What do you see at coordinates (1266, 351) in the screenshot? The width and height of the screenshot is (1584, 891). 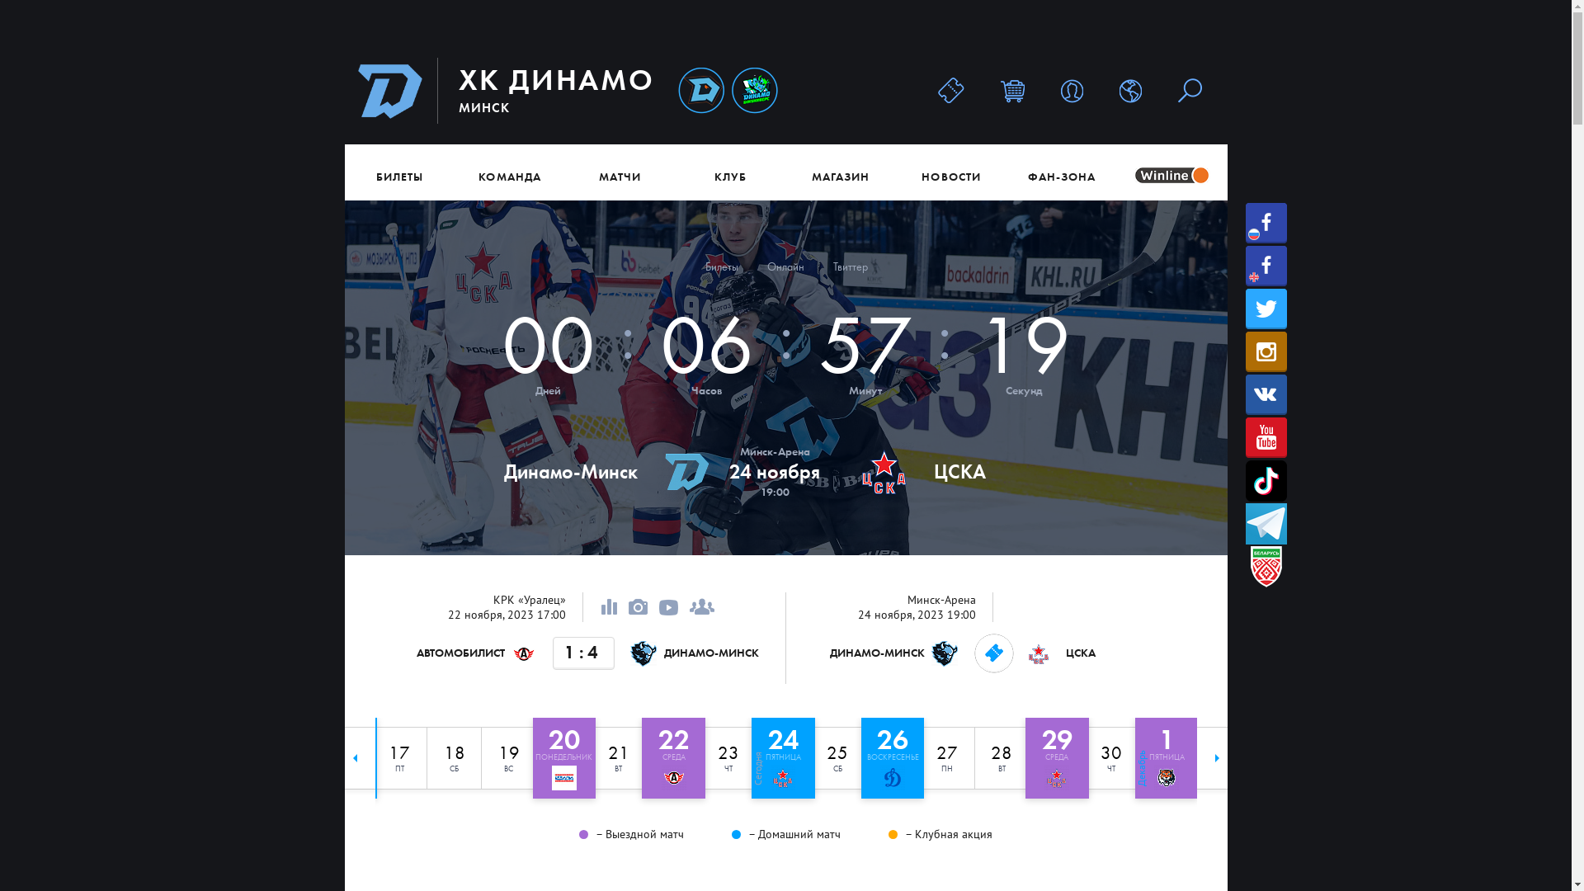 I see `'Intagram'` at bounding box center [1266, 351].